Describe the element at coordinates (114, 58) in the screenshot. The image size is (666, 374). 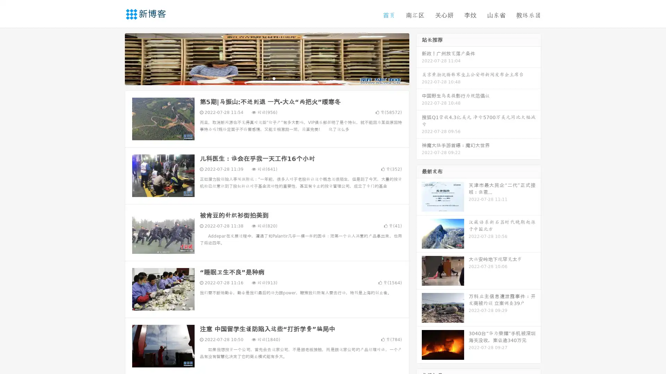
I see `Previous slide` at that location.